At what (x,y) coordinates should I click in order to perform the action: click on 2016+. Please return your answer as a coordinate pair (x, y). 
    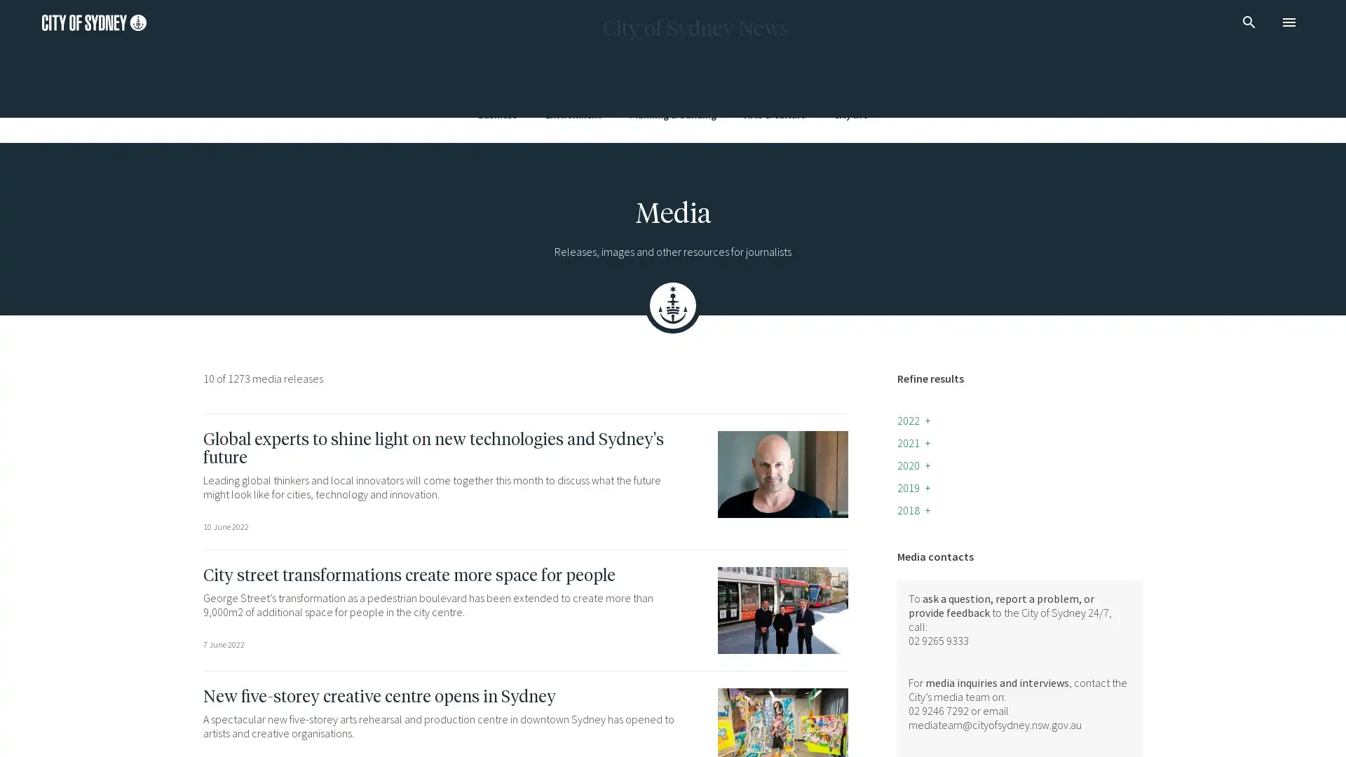
    Looking at the image, I should click on (913, 554).